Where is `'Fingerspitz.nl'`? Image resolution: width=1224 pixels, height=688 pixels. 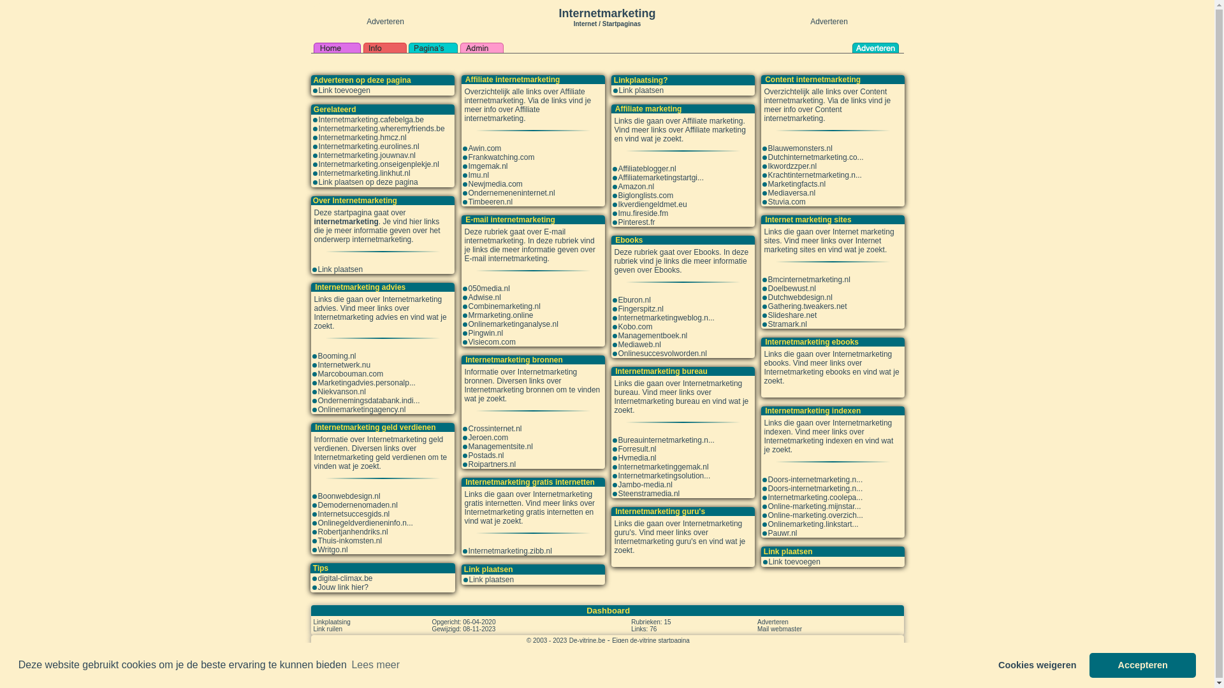 'Fingerspitz.nl' is located at coordinates (641, 309).